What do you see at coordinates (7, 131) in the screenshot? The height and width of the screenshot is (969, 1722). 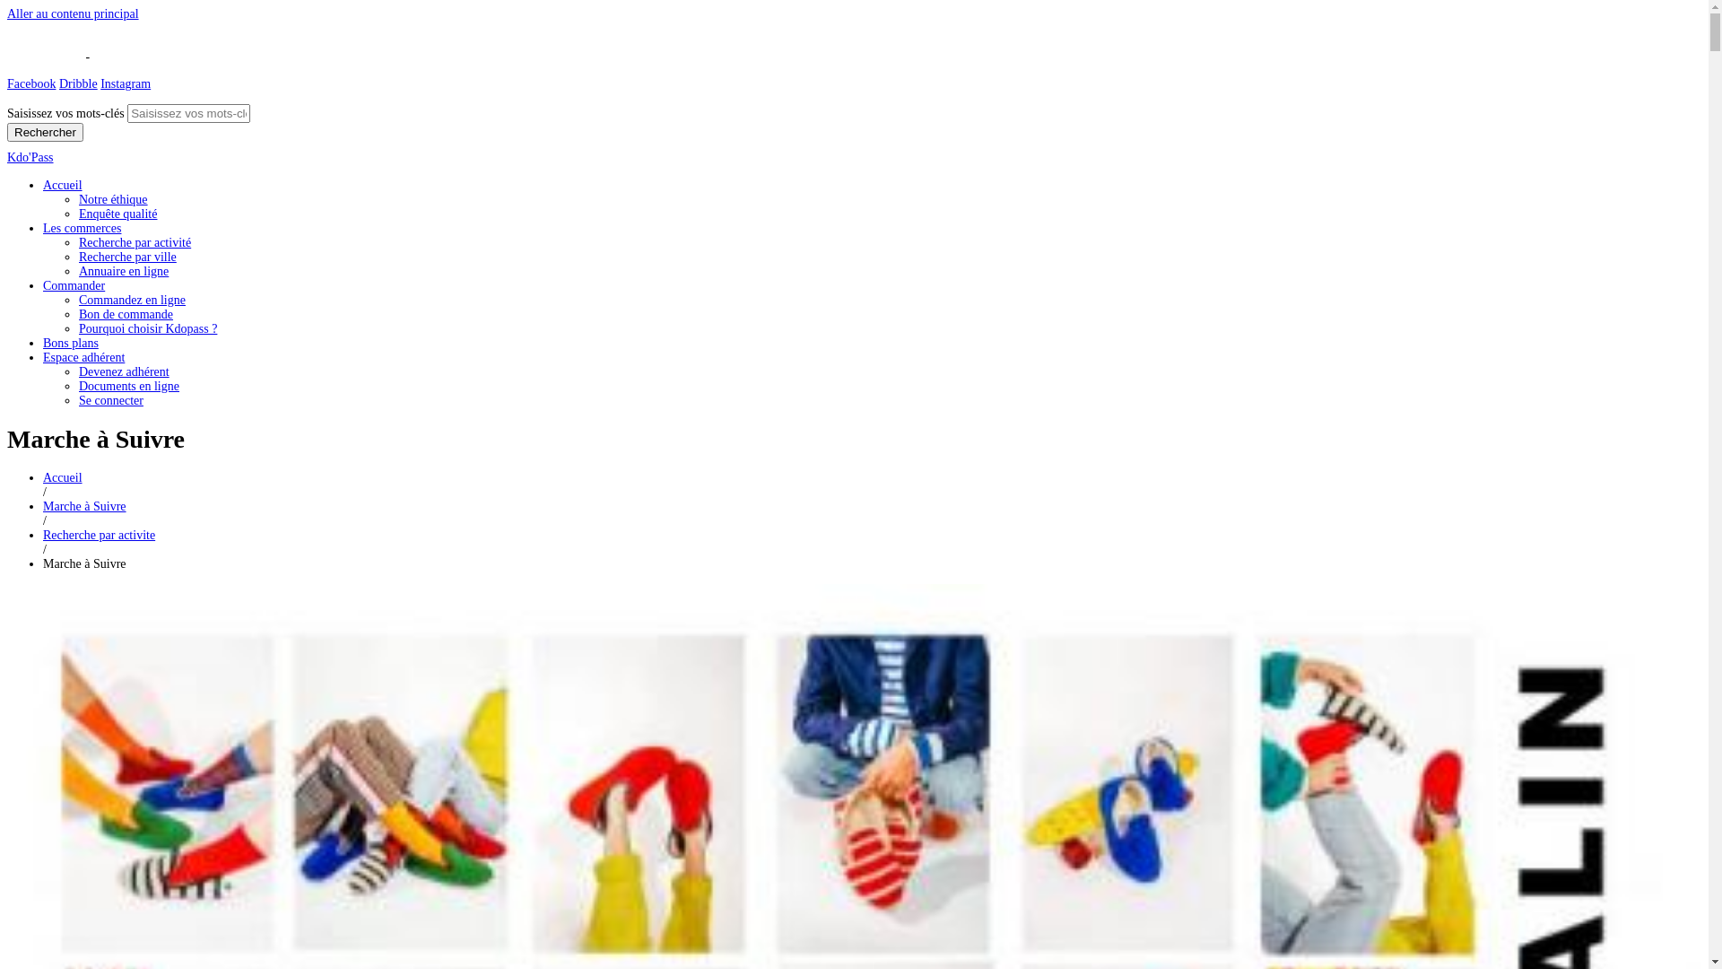 I see `'Rechercher'` at bounding box center [7, 131].